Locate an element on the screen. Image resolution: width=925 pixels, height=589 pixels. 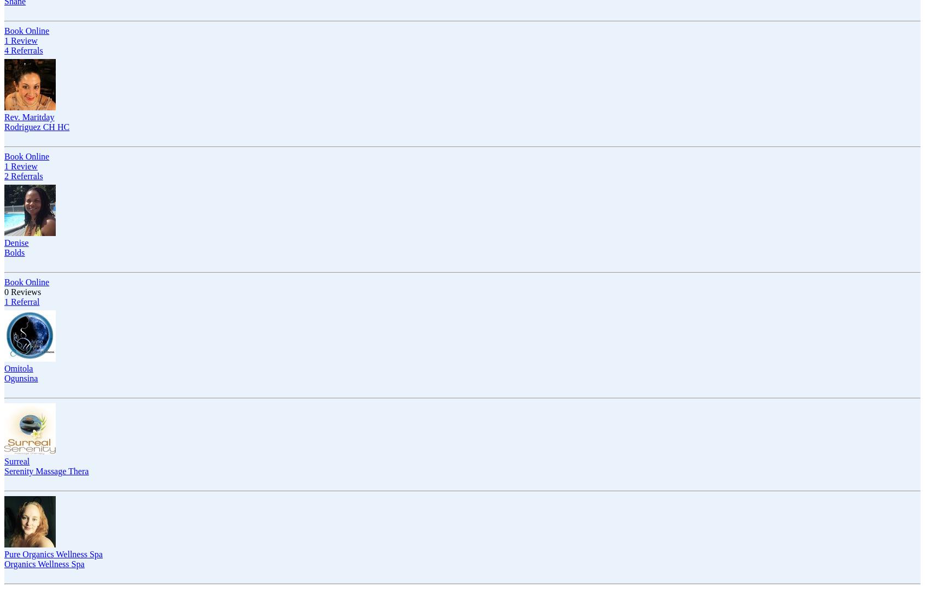
'Serenity Massage Thera' is located at coordinates (3, 470).